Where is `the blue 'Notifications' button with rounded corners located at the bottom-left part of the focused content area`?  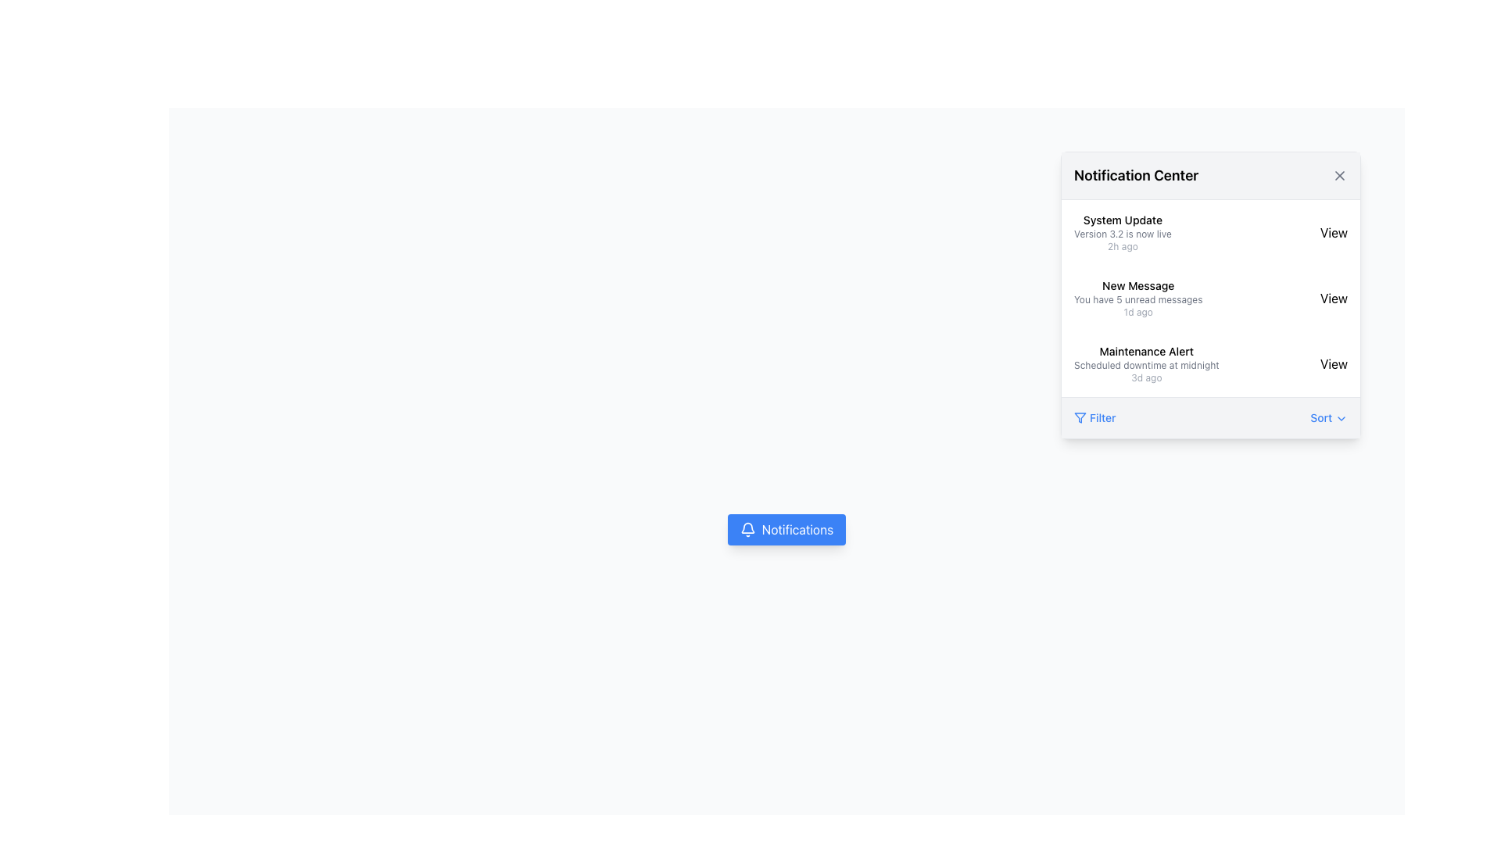
the blue 'Notifications' button with rounded corners located at the bottom-left part of the focused content area is located at coordinates (786, 529).